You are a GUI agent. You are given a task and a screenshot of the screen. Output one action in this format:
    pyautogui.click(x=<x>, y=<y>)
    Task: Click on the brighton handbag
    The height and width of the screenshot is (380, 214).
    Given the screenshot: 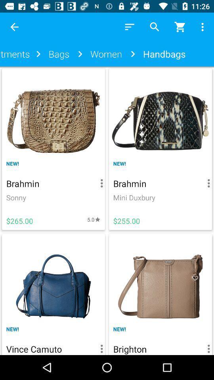 What is the action you would take?
    pyautogui.click(x=160, y=293)
    